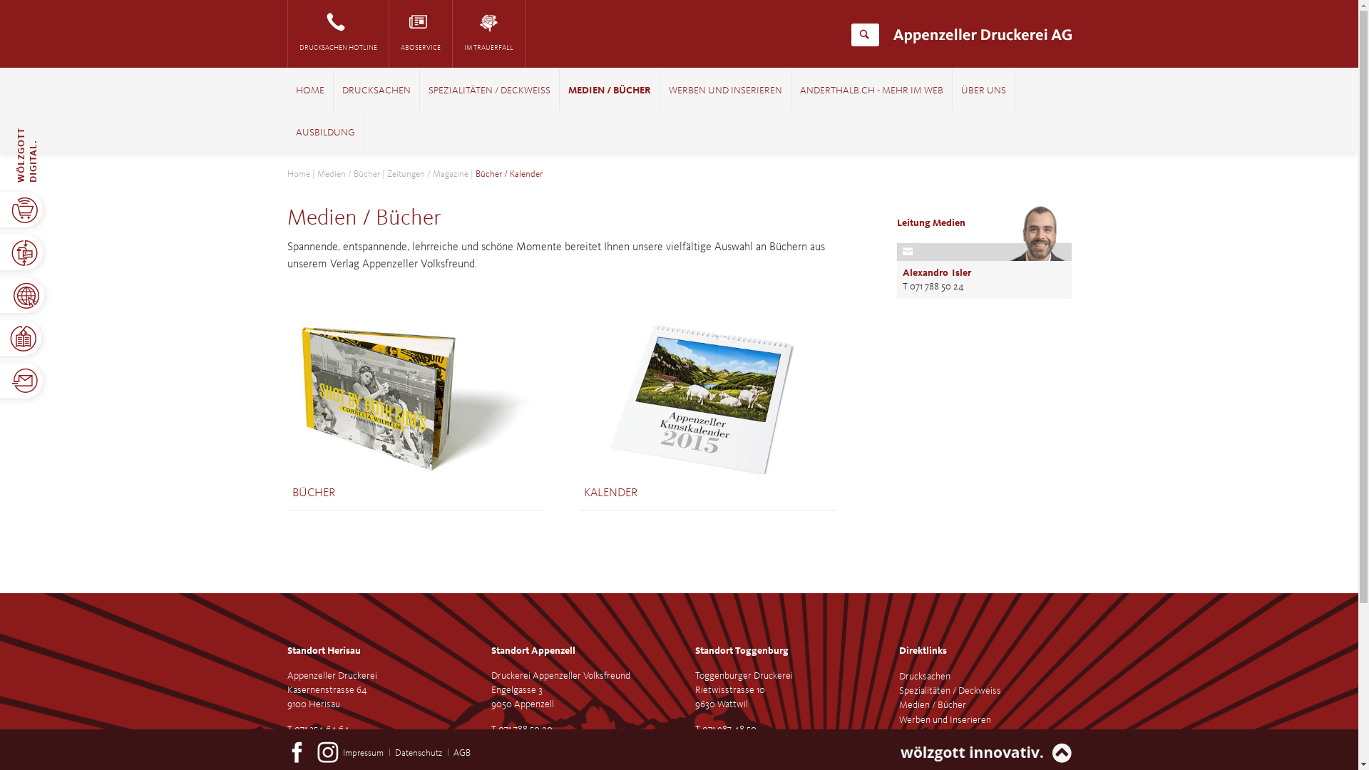  I want to click on 'WERBEN UND INSERIEREN', so click(725, 91).